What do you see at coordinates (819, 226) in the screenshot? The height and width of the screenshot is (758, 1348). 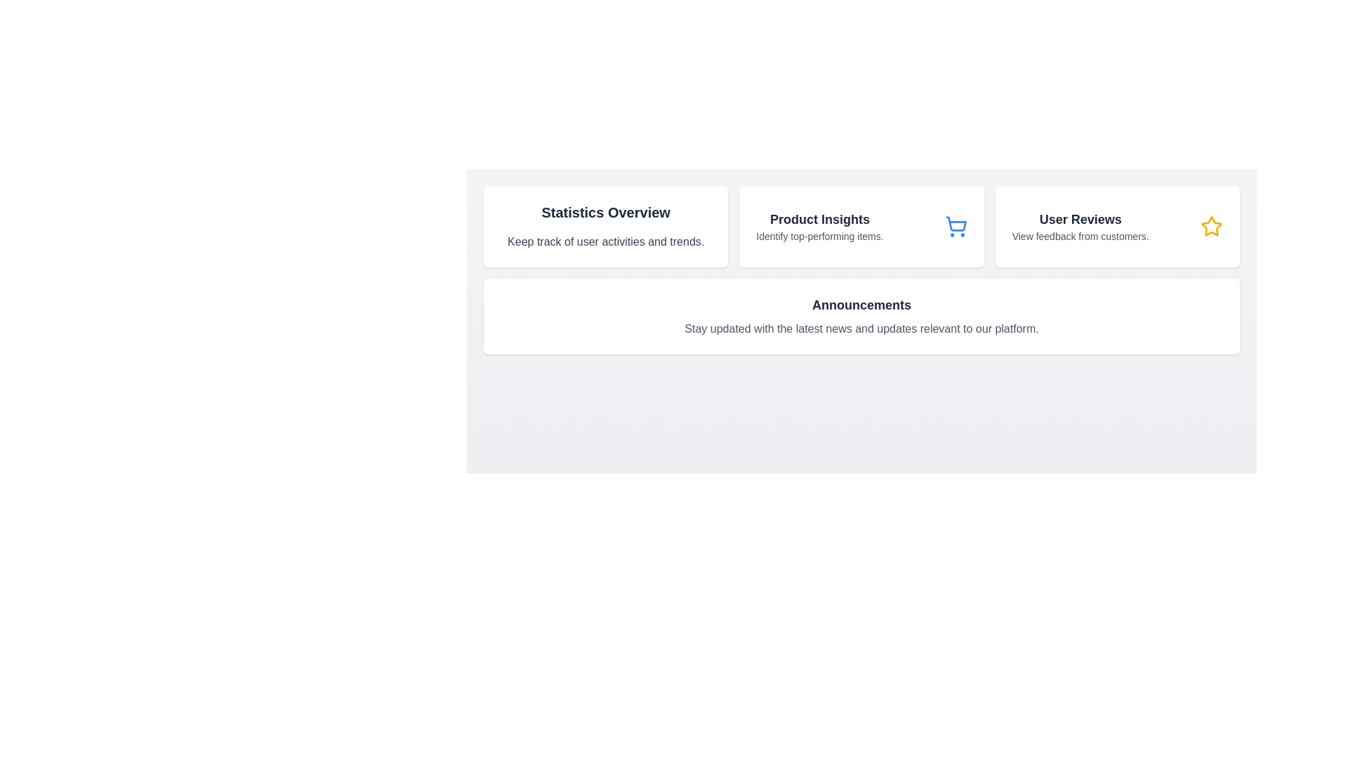 I see `informative text block located under the title 'Product Insights' and to the left of the shopping cart icon, which provides information about analyzing the performance of products` at bounding box center [819, 226].